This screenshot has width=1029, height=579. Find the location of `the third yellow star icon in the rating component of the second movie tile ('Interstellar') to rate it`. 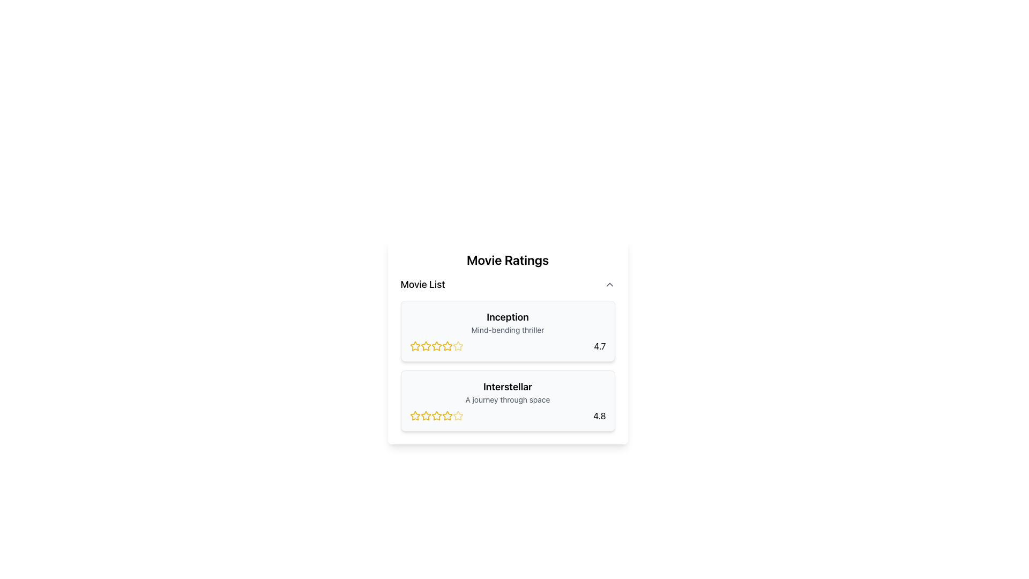

the third yellow star icon in the rating component of the second movie tile ('Interstellar') to rate it is located at coordinates (436, 415).